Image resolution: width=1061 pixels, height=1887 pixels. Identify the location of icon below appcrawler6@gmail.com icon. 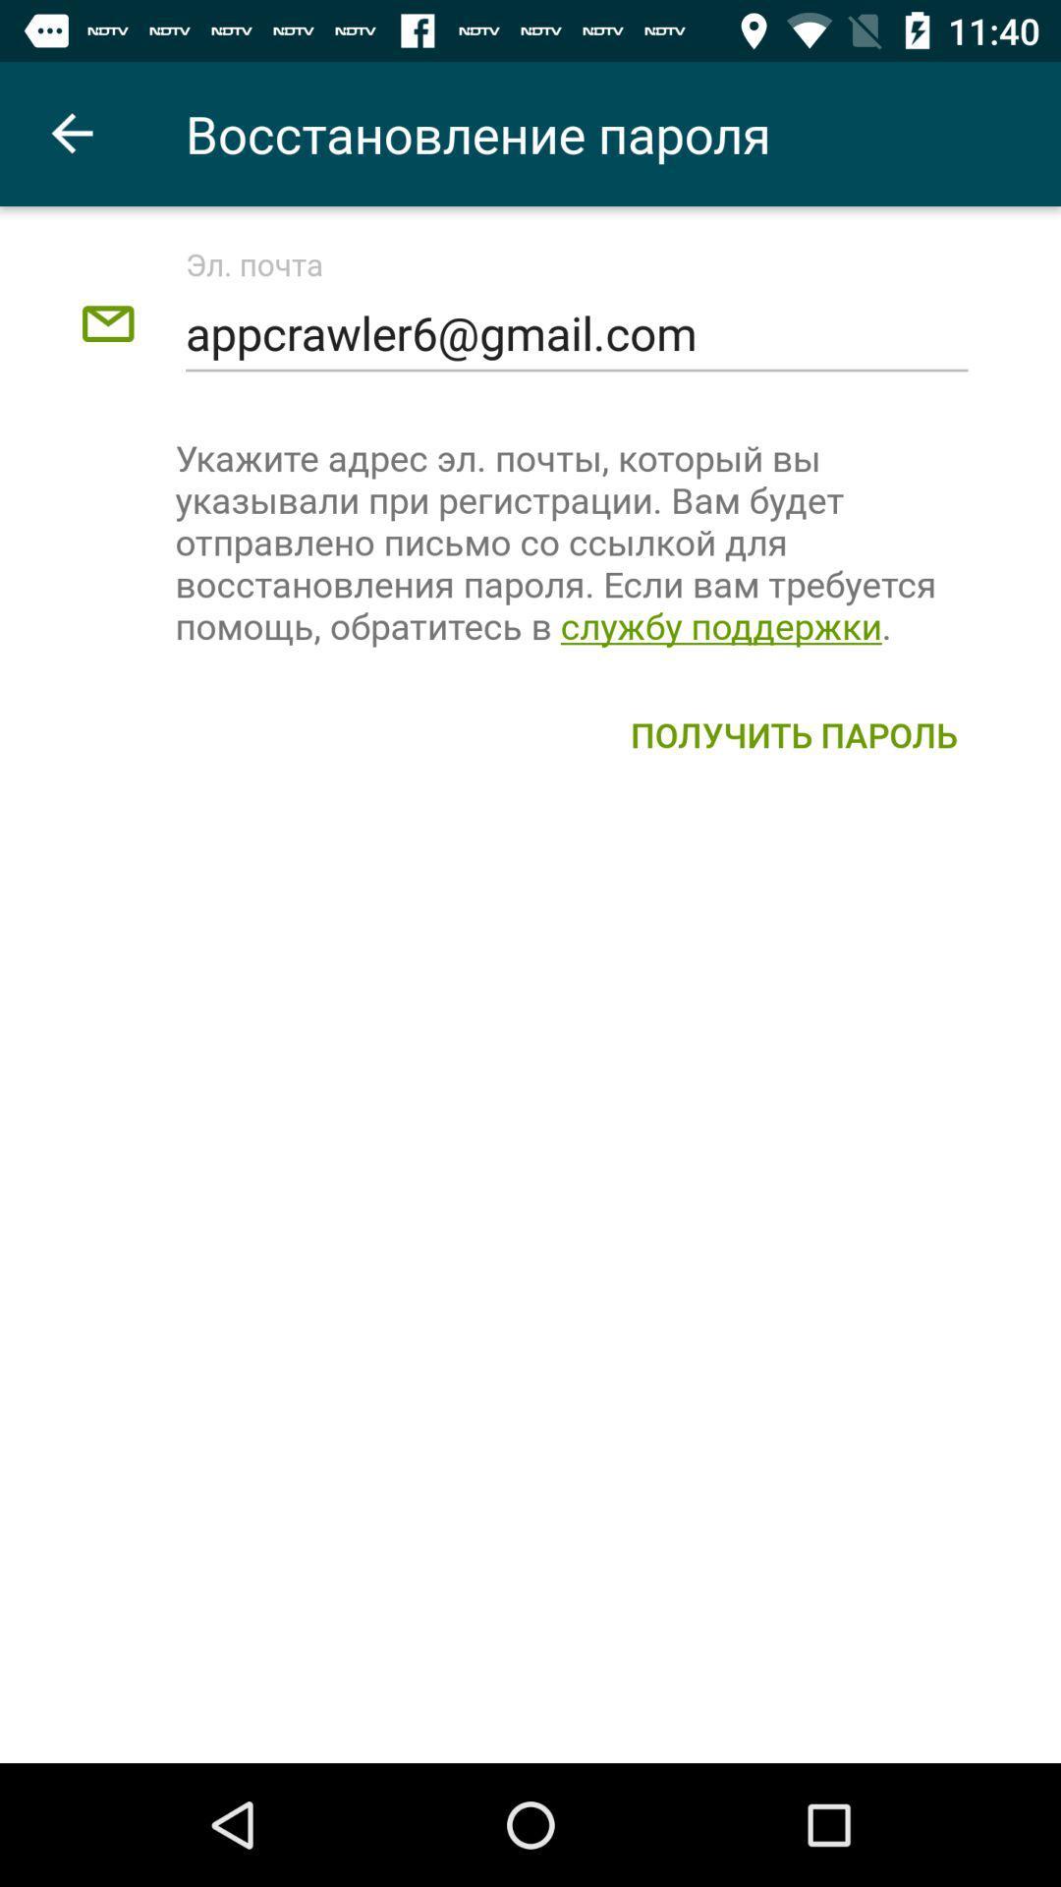
(576, 542).